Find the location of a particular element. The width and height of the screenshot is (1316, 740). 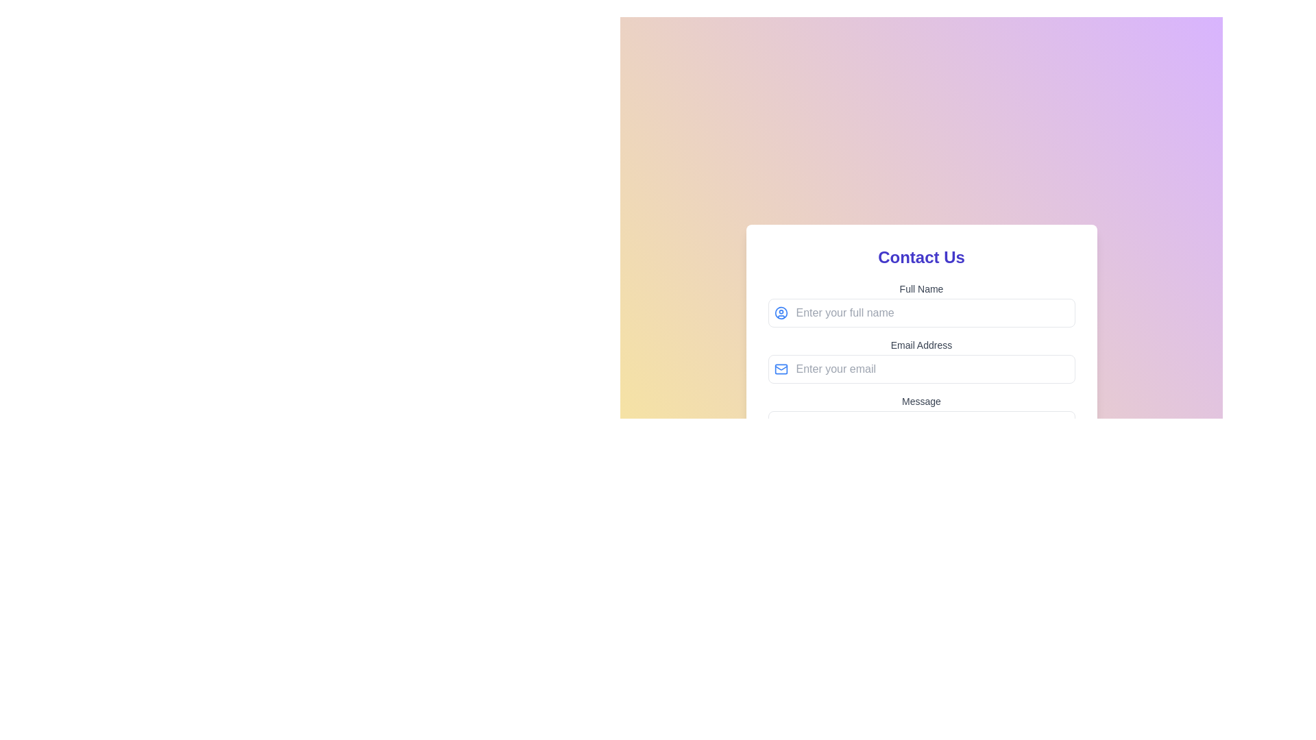

the email address input field, which is the second input group in the contact form located below the 'Full Name' field and above the 'Message' field is located at coordinates (921, 360).